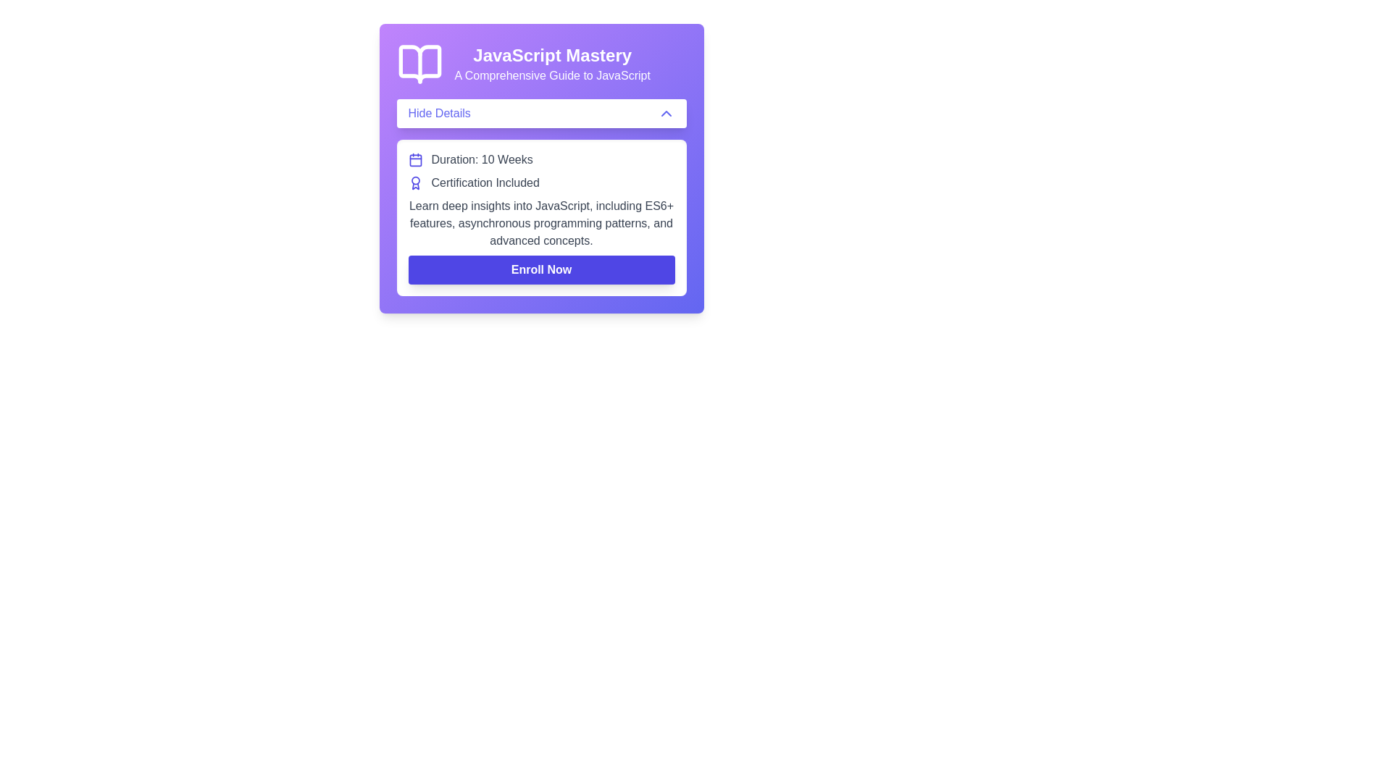  Describe the element at coordinates (551, 55) in the screenshot. I see `on the text label that serves as the heading for the card titled 'JavaScript Mastery', which is located at the top of a purple rectangular card` at that location.